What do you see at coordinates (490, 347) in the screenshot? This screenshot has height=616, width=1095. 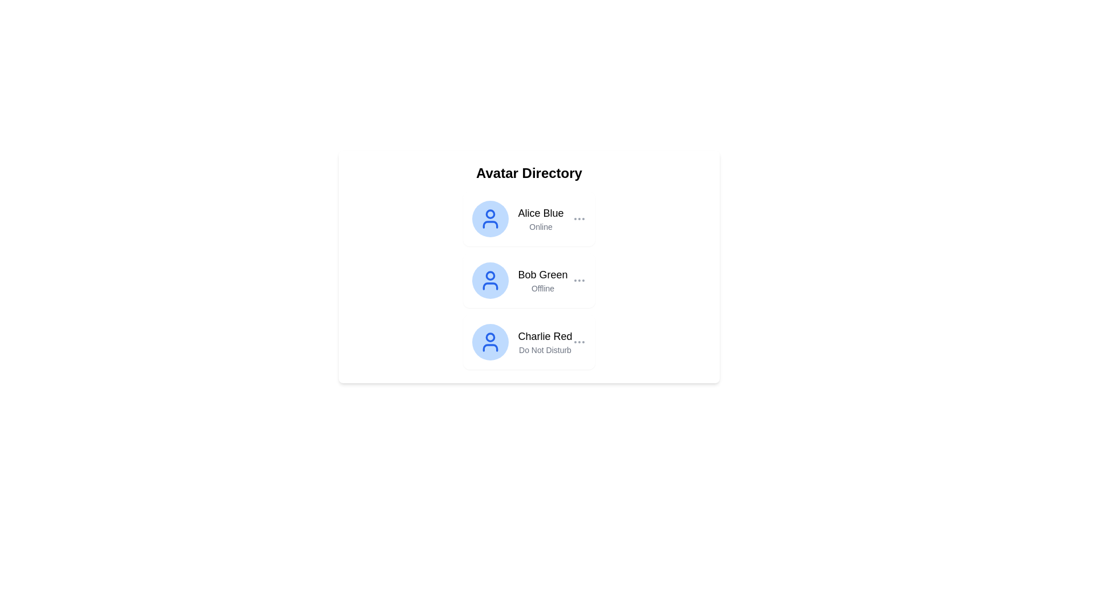 I see `the semi-oval or arch-shaped graphical component located at the bottom part of the user icon representing an avatar in the Avatar Directory list` at bounding box center [490, 347].